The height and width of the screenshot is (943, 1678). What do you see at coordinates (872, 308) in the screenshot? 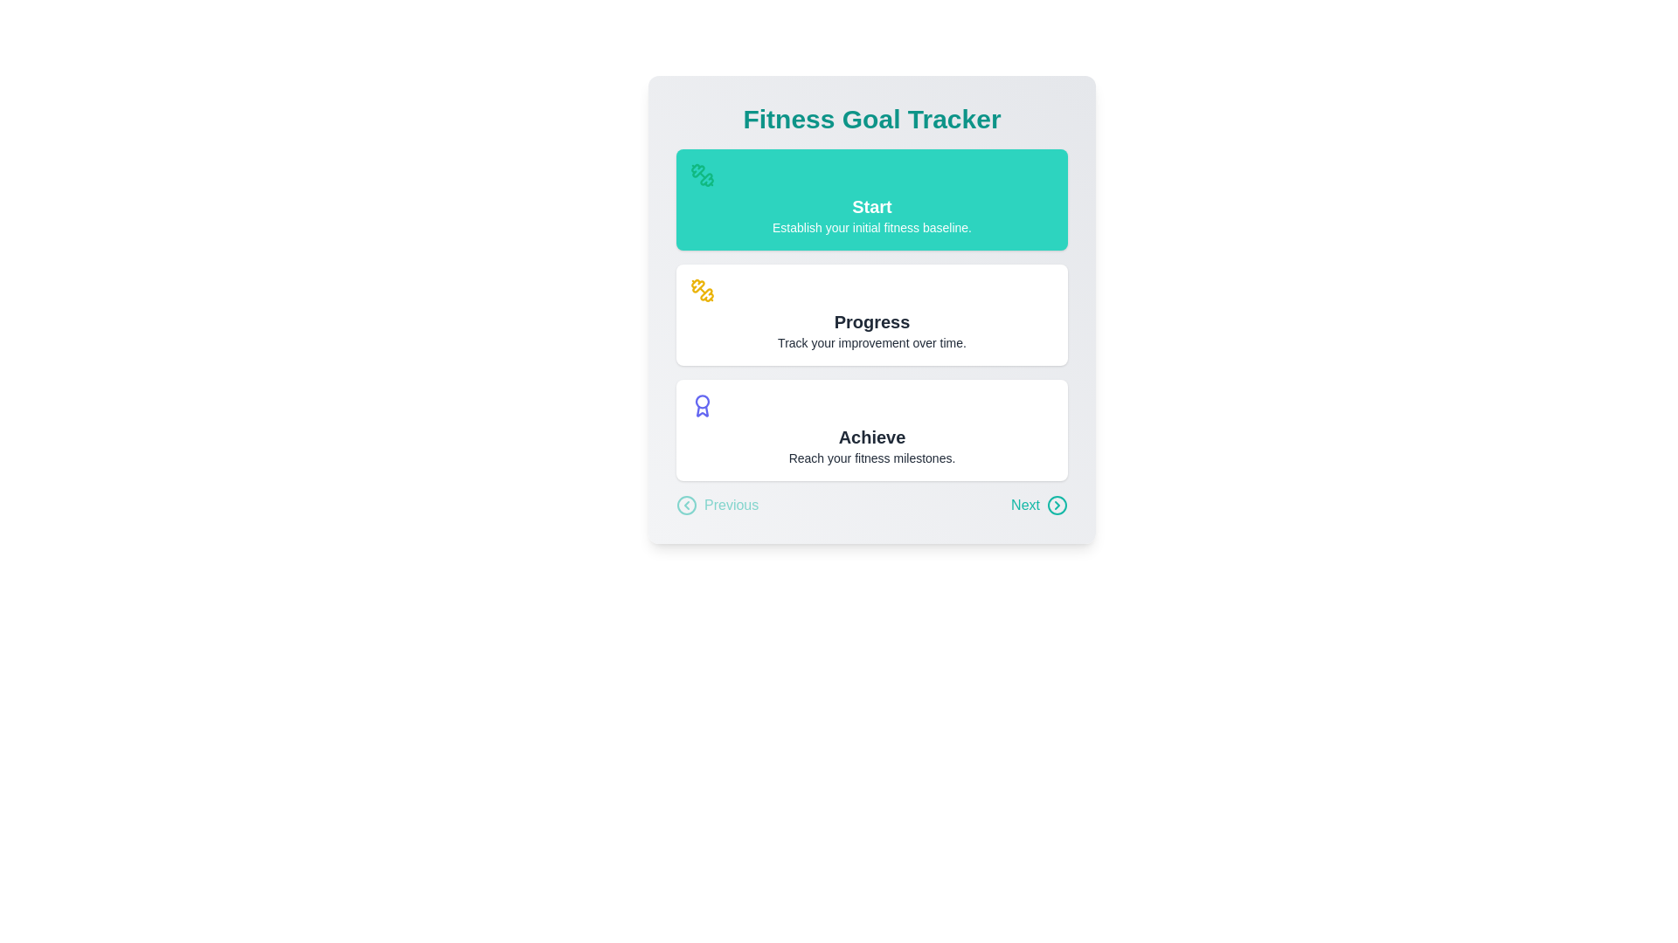
I see `on the Informational card related` at bounding box center [872, 308].